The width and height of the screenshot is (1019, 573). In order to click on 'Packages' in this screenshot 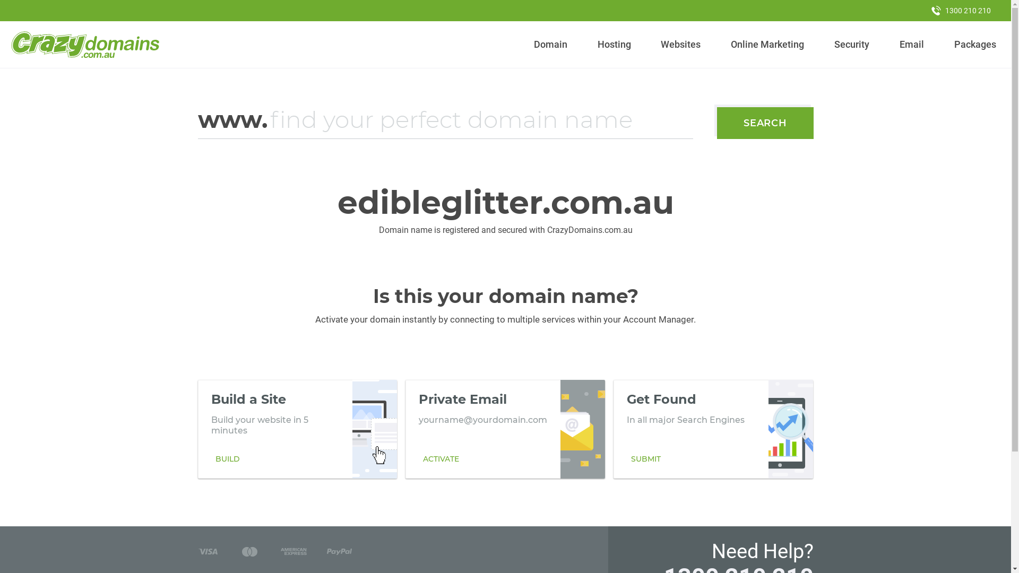, I will do `click(949, 44)`.